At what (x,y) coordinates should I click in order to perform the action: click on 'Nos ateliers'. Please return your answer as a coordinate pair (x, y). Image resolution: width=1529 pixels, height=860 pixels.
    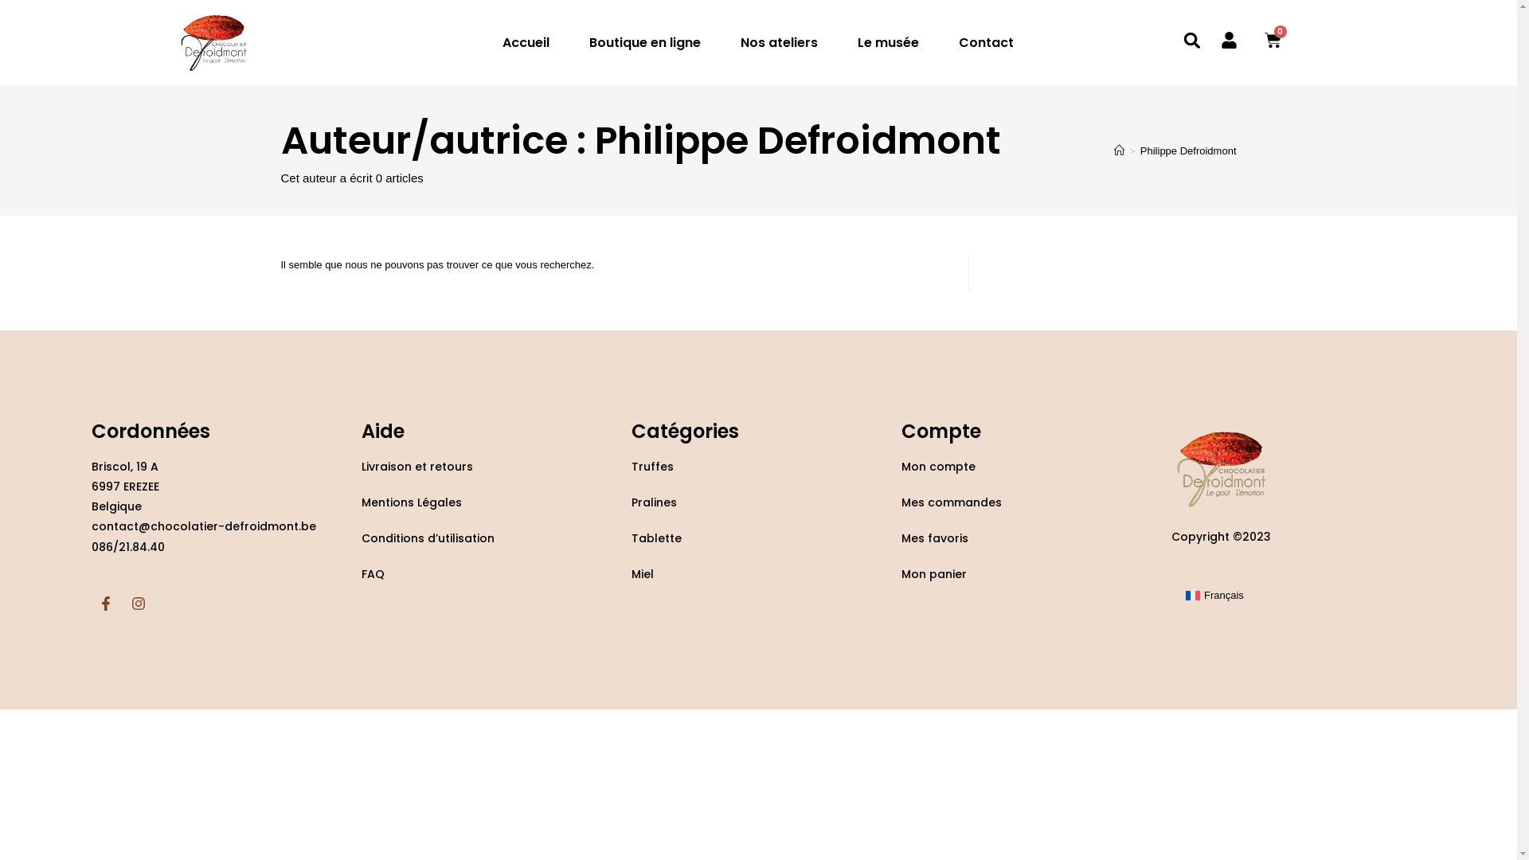
    Looking at the image, I should click on (779, 42).